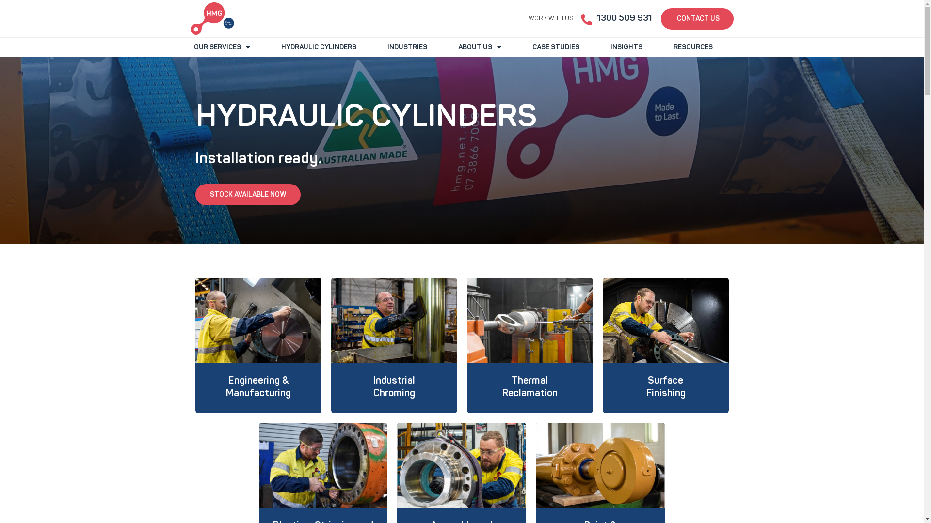 Image resolution: width=931 pixels, height=523 pixels. Describe the element at coordinates (221, 47) in the screenshot. I see `'OUR SERVICES'` at that location.